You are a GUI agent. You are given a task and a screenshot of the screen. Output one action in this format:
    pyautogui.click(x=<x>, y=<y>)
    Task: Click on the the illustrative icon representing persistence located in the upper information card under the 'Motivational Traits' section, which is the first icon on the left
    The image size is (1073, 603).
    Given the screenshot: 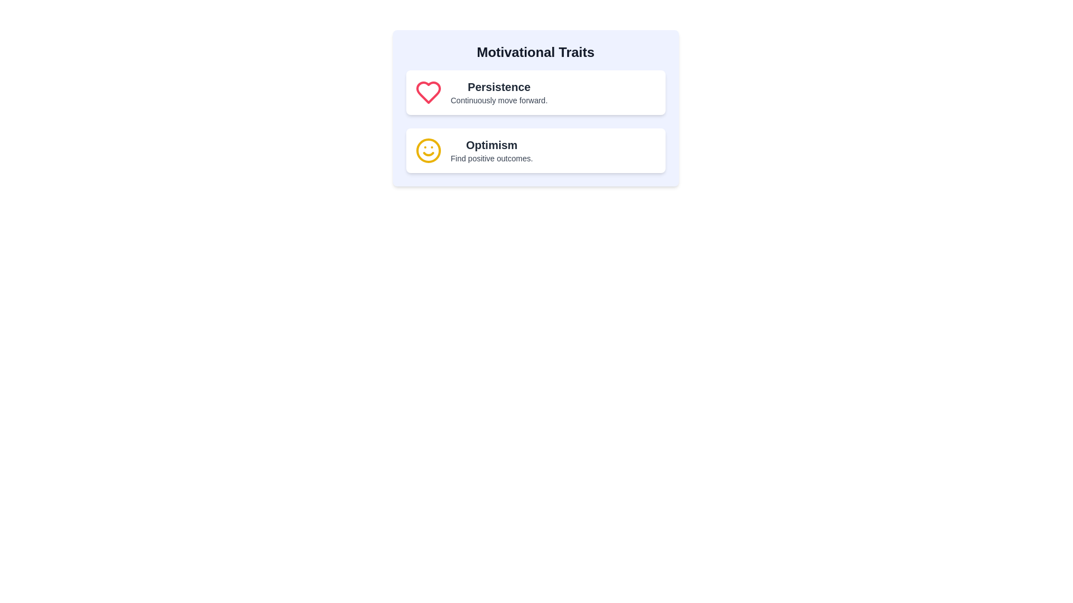 What is the action you would take?
    pyautogui.click(x=428, y=92)
    